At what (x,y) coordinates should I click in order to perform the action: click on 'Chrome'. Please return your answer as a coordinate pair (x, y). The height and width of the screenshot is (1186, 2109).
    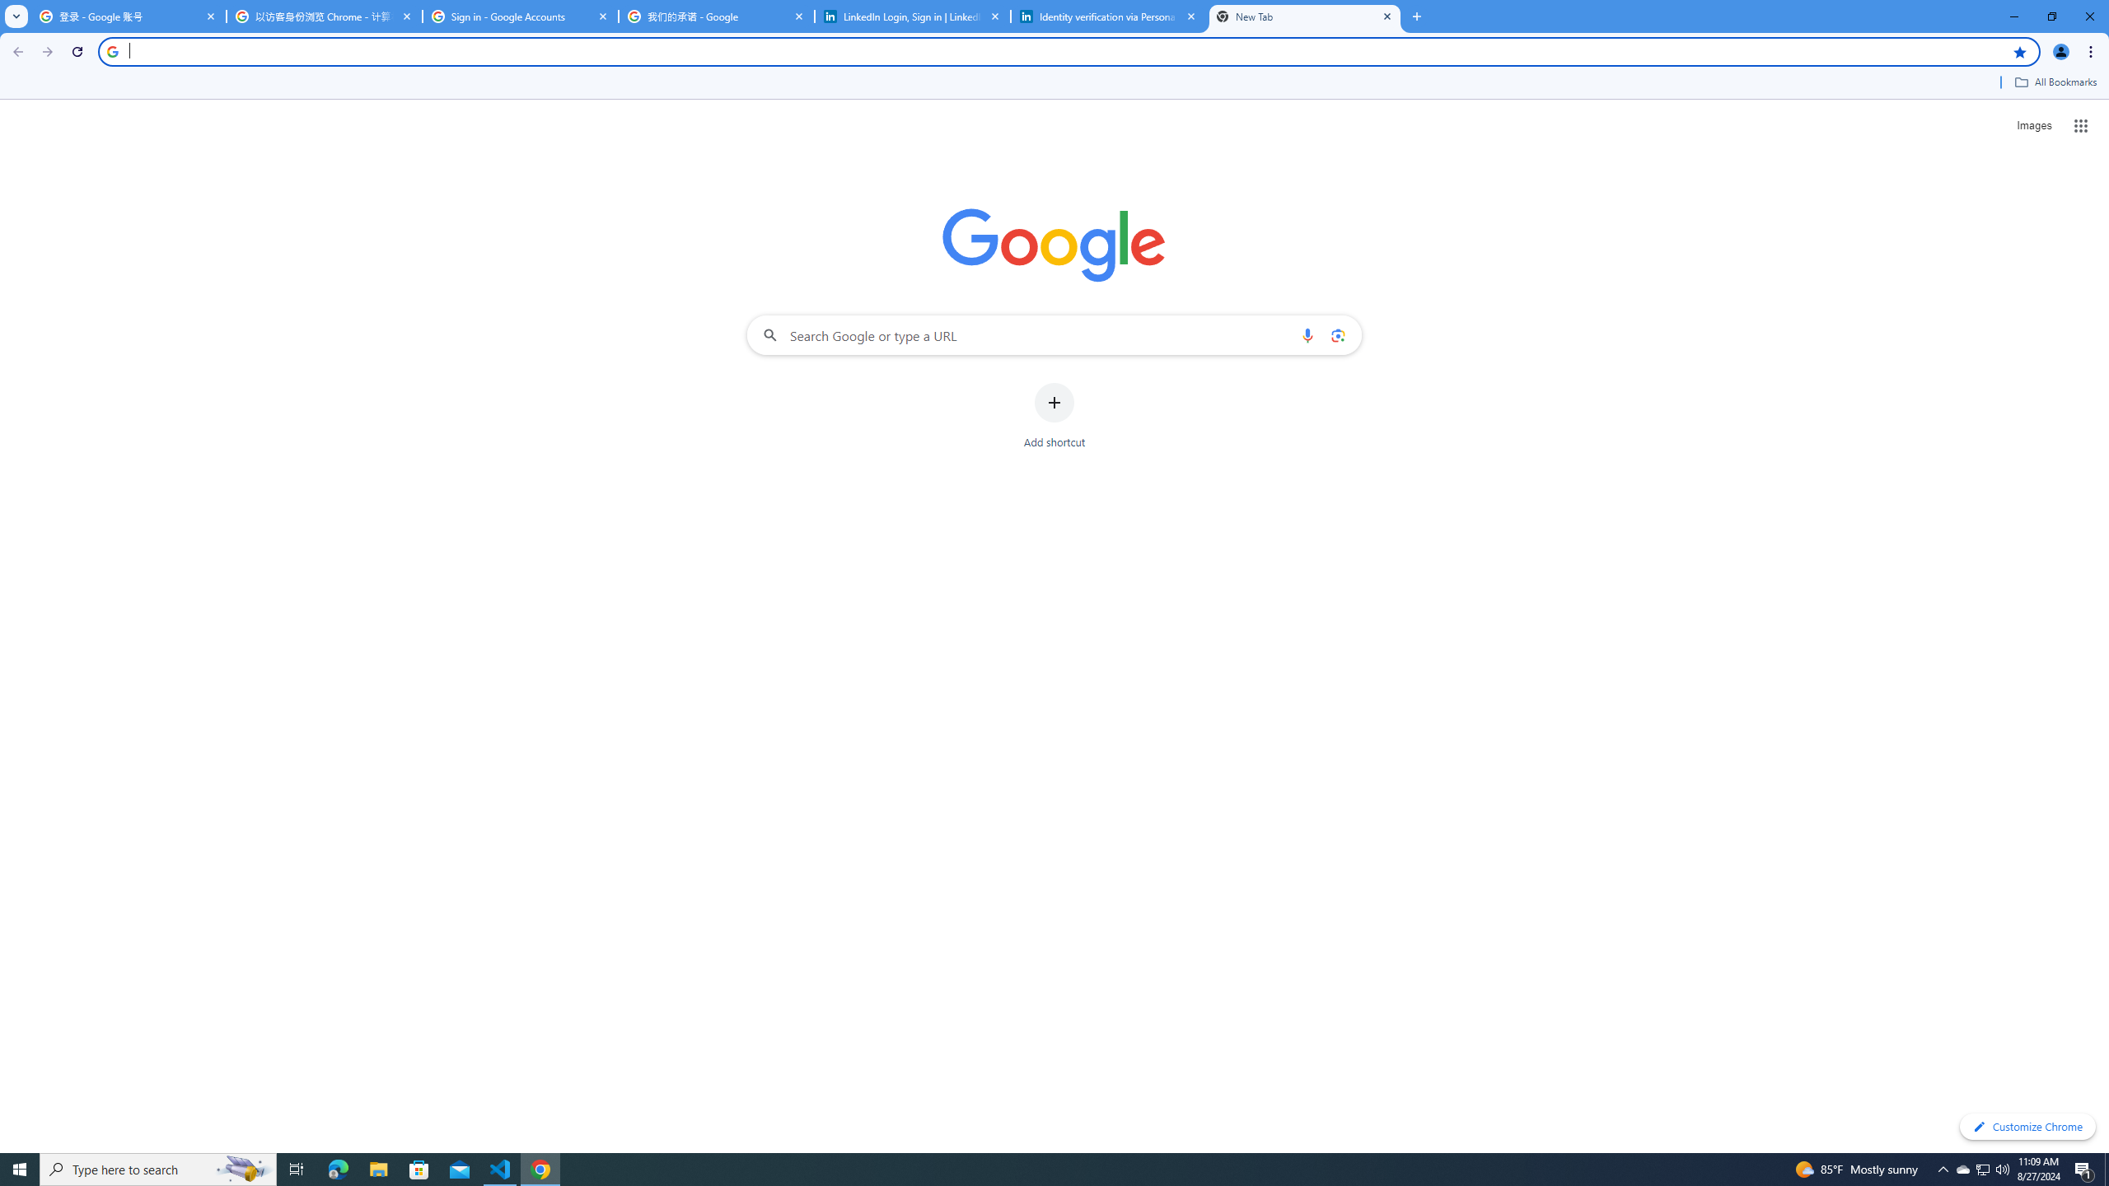
    Looking at the image, I should click on (2092, 51).